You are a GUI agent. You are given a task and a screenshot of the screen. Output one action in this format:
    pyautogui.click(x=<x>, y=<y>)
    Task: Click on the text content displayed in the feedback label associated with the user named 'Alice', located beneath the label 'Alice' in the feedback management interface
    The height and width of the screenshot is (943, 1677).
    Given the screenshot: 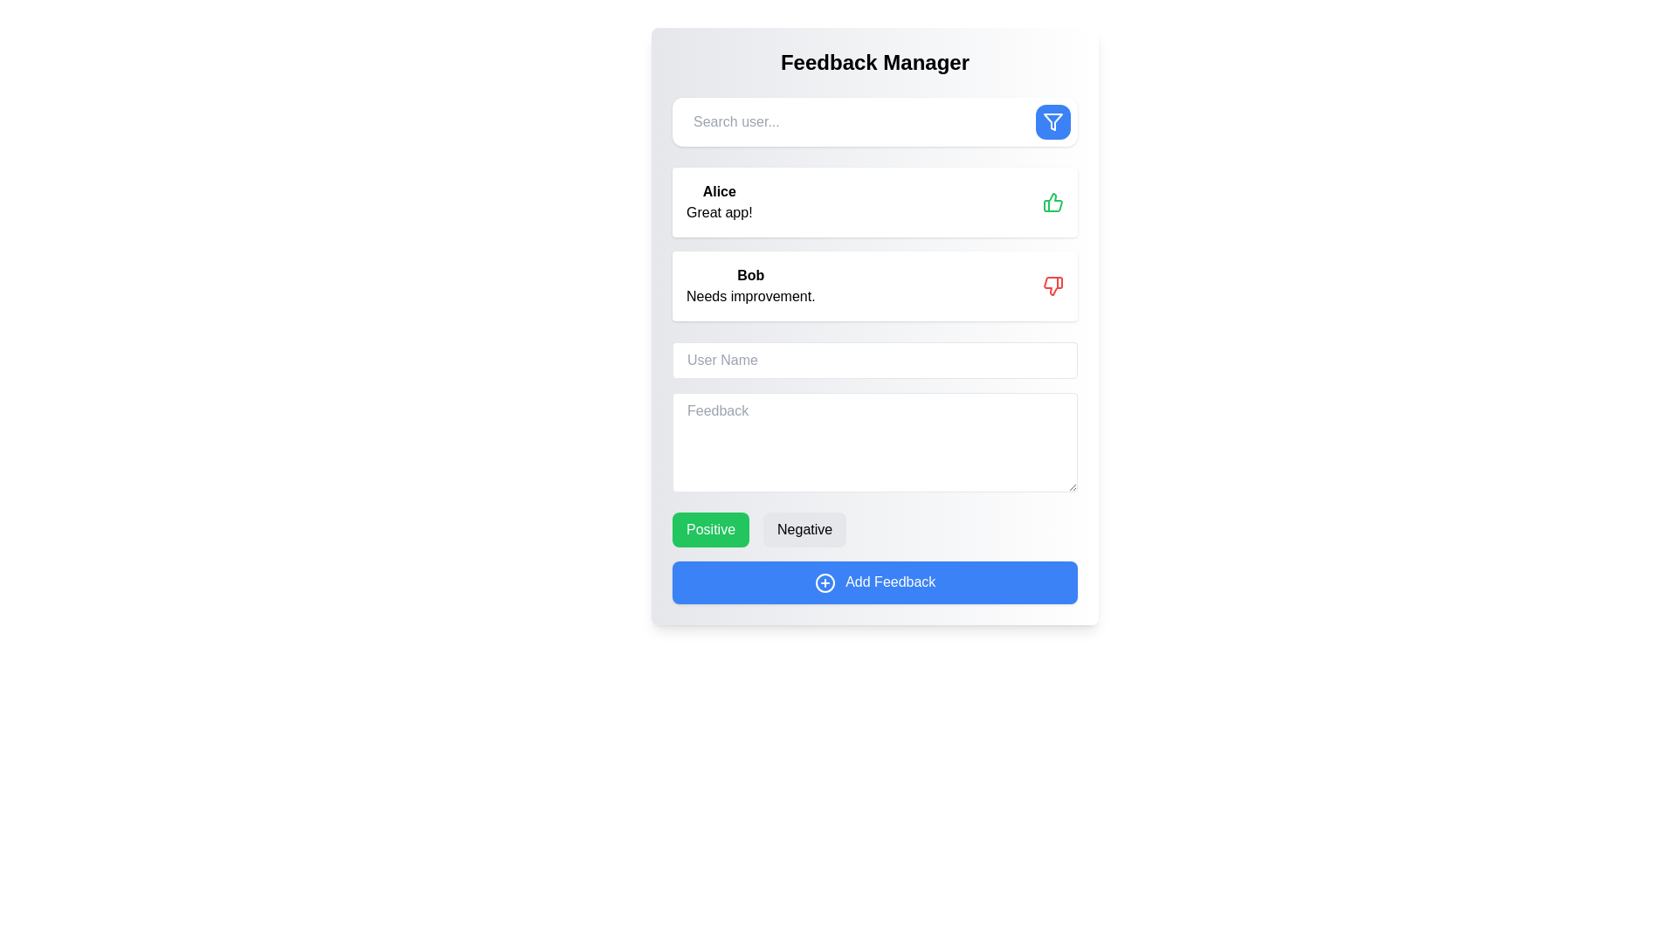 What is the action you would take?
    pyautogui.click(x=719, y=211)
    